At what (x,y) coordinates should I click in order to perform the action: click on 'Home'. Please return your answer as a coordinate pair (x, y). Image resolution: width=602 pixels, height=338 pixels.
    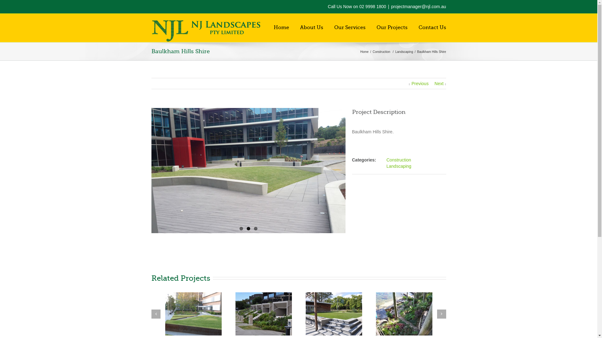
    Looking at the image, I should click on (273, 27).